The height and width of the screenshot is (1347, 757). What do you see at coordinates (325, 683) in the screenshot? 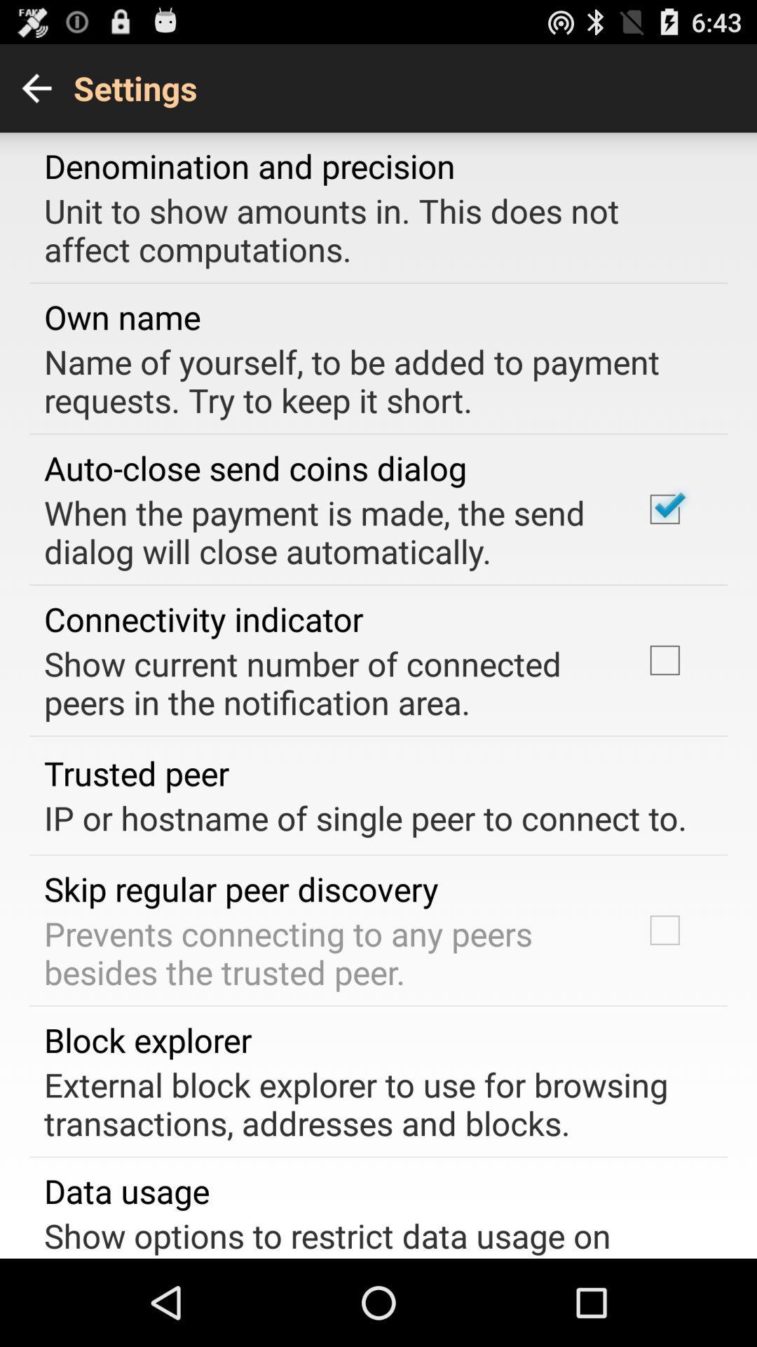
I see `icon below the connectivity indicator icon` at bounding box center [325, 683].